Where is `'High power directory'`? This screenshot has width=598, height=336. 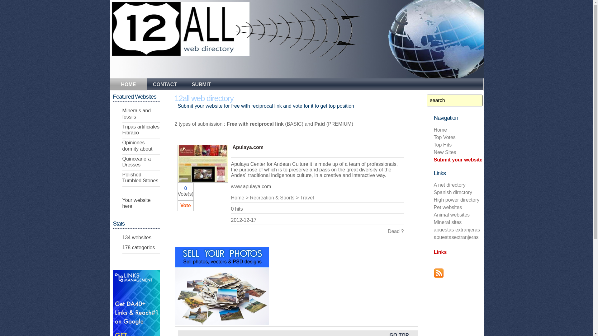
'High power directory' is located at coordinates (456, 200).